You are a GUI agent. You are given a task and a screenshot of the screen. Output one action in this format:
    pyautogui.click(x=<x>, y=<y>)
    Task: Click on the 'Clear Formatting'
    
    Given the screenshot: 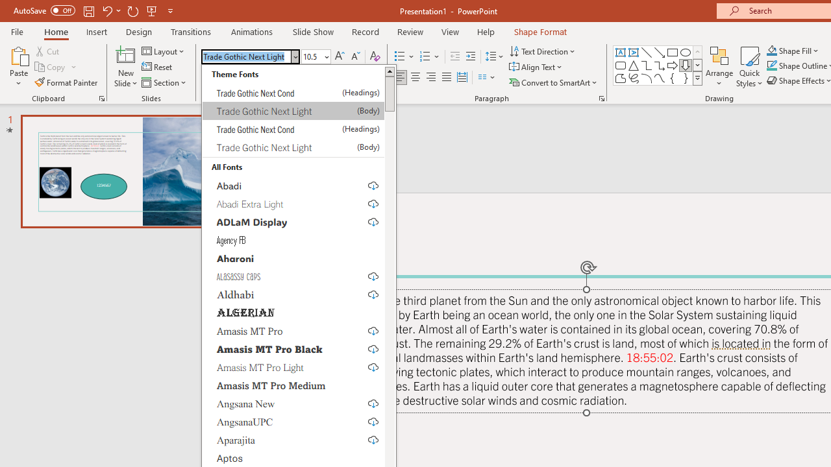 What is the action you would take?
    pyautogui.click(x=374, y=56)
    